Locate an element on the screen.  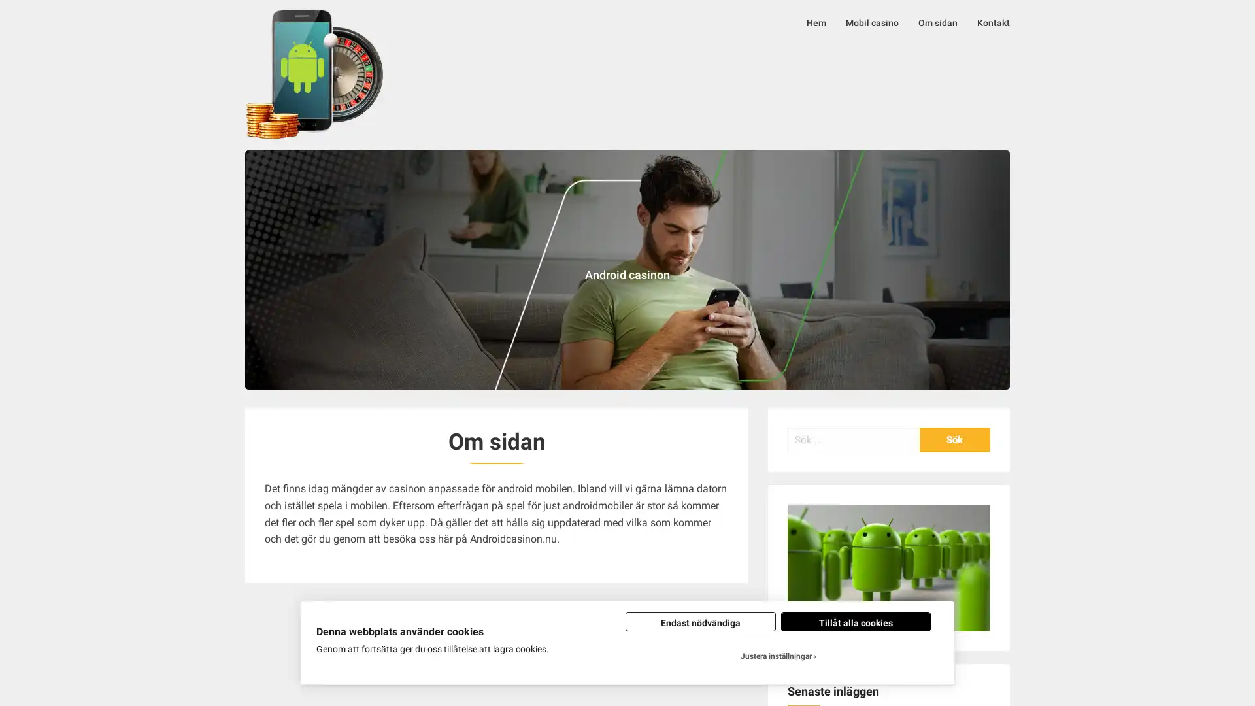
Justera installningar is located at coordinates (778, 655).